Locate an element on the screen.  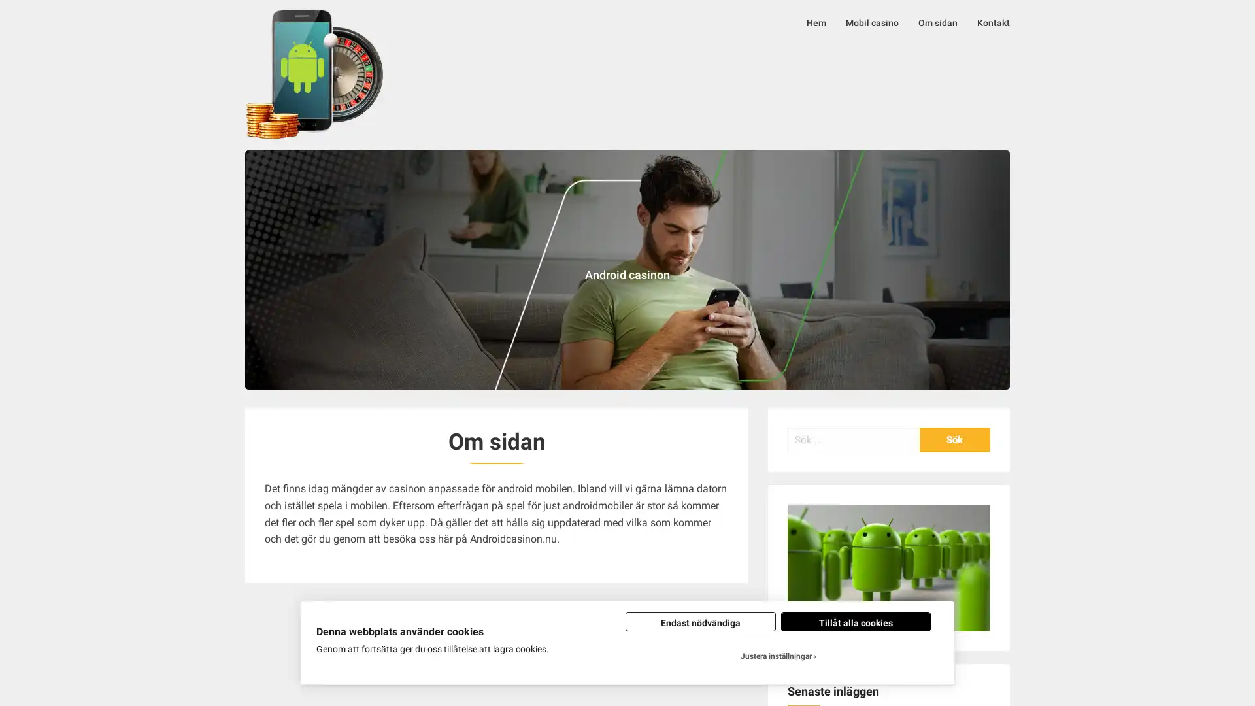
Justera installningar is located at coordinates (778, 655).